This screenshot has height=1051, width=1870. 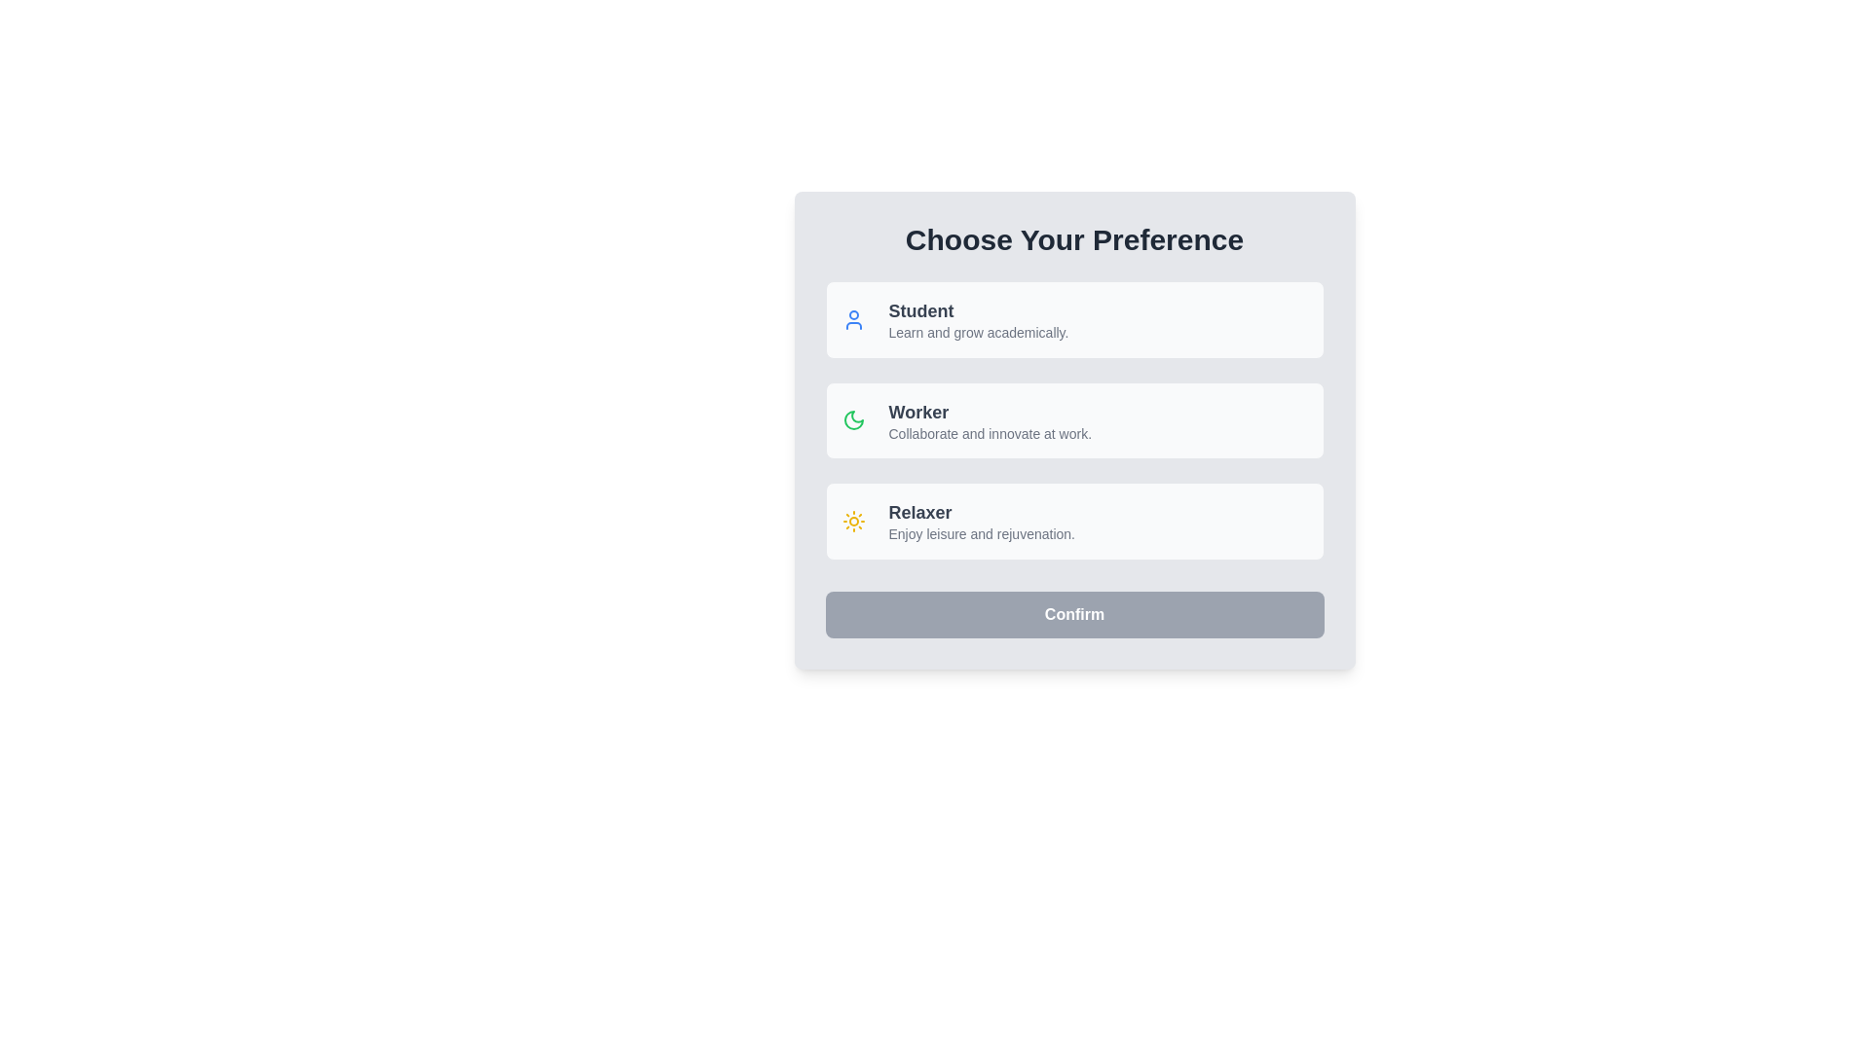 I want to click on the 'Confirm' button, which has rounded corners, a gray background, and contains white, bold text centered horizontally, so click(x=1073, y=614).